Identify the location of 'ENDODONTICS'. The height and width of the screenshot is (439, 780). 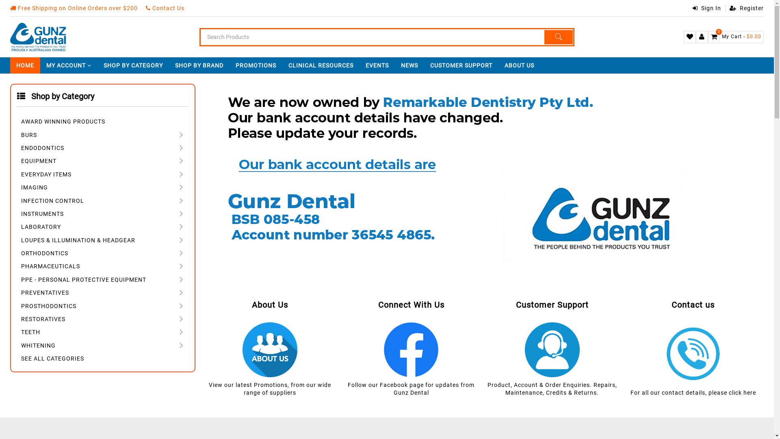
(102, 148).